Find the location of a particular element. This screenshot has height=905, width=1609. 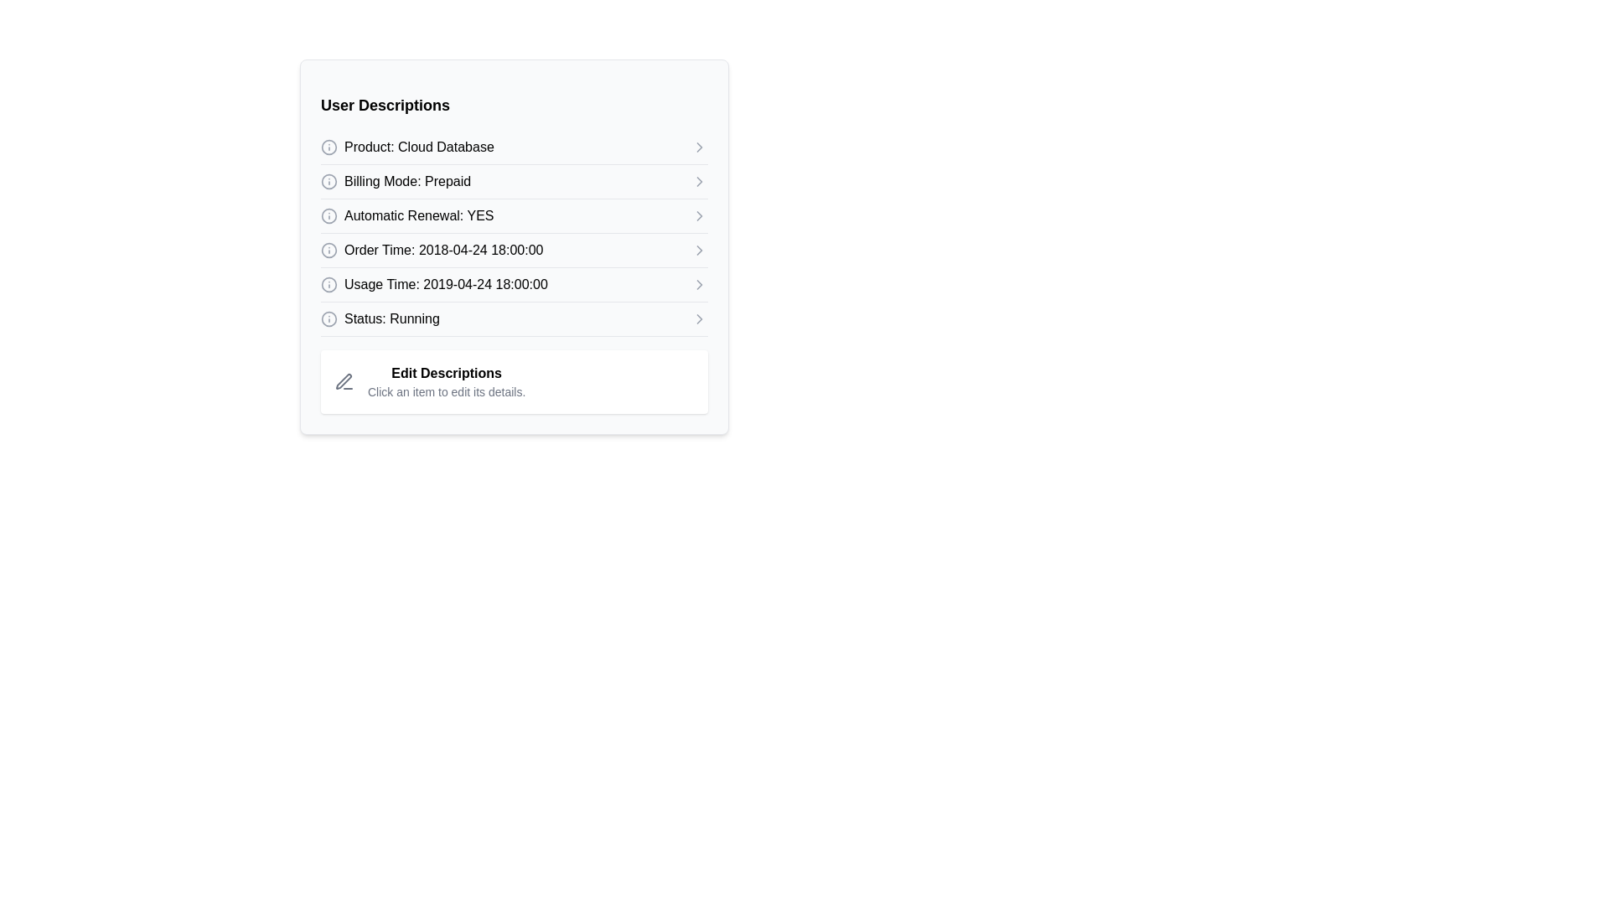

the informational icon located to the left of the text 'Product: Cloud Database' in the first row of the list within the 'User Descriptions' section is located at coordinates (329, 147).